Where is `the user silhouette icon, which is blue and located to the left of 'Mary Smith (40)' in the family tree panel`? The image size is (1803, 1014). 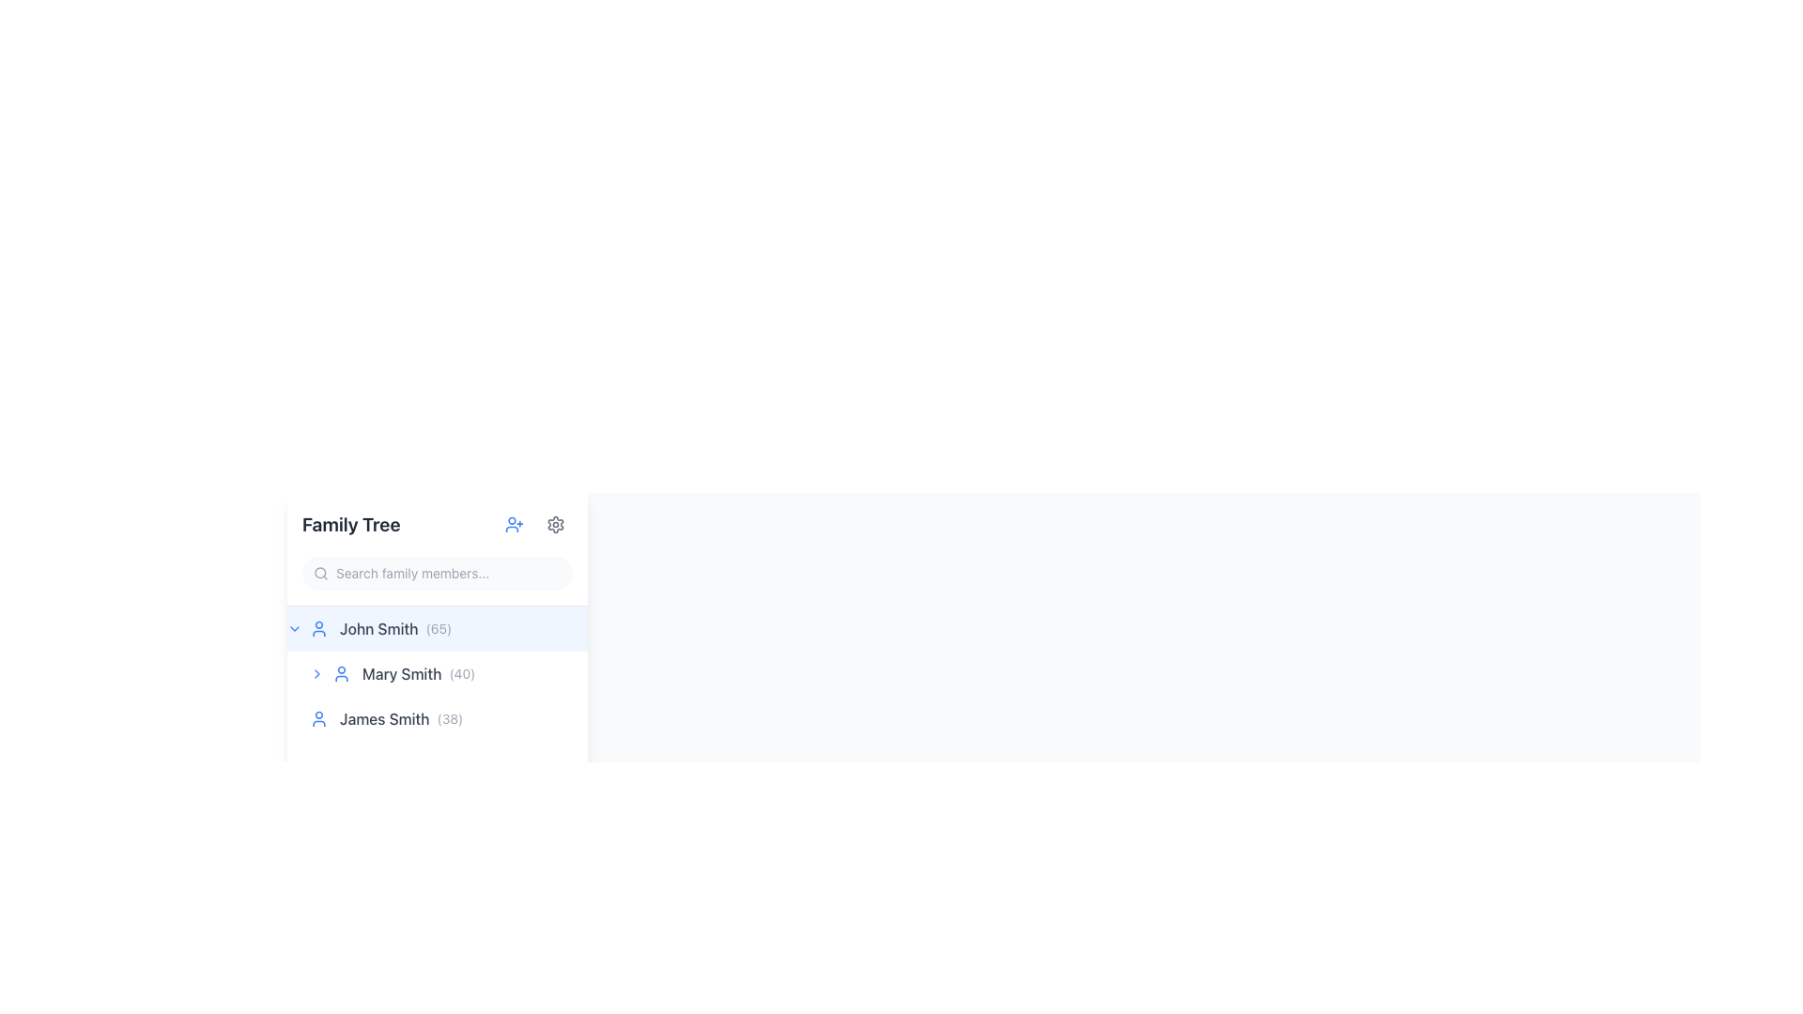
the user silhouette icon, which is blue and located to the left of 'Mary Smith (40)' in the family tree panel is located at coordinates (342, 672).